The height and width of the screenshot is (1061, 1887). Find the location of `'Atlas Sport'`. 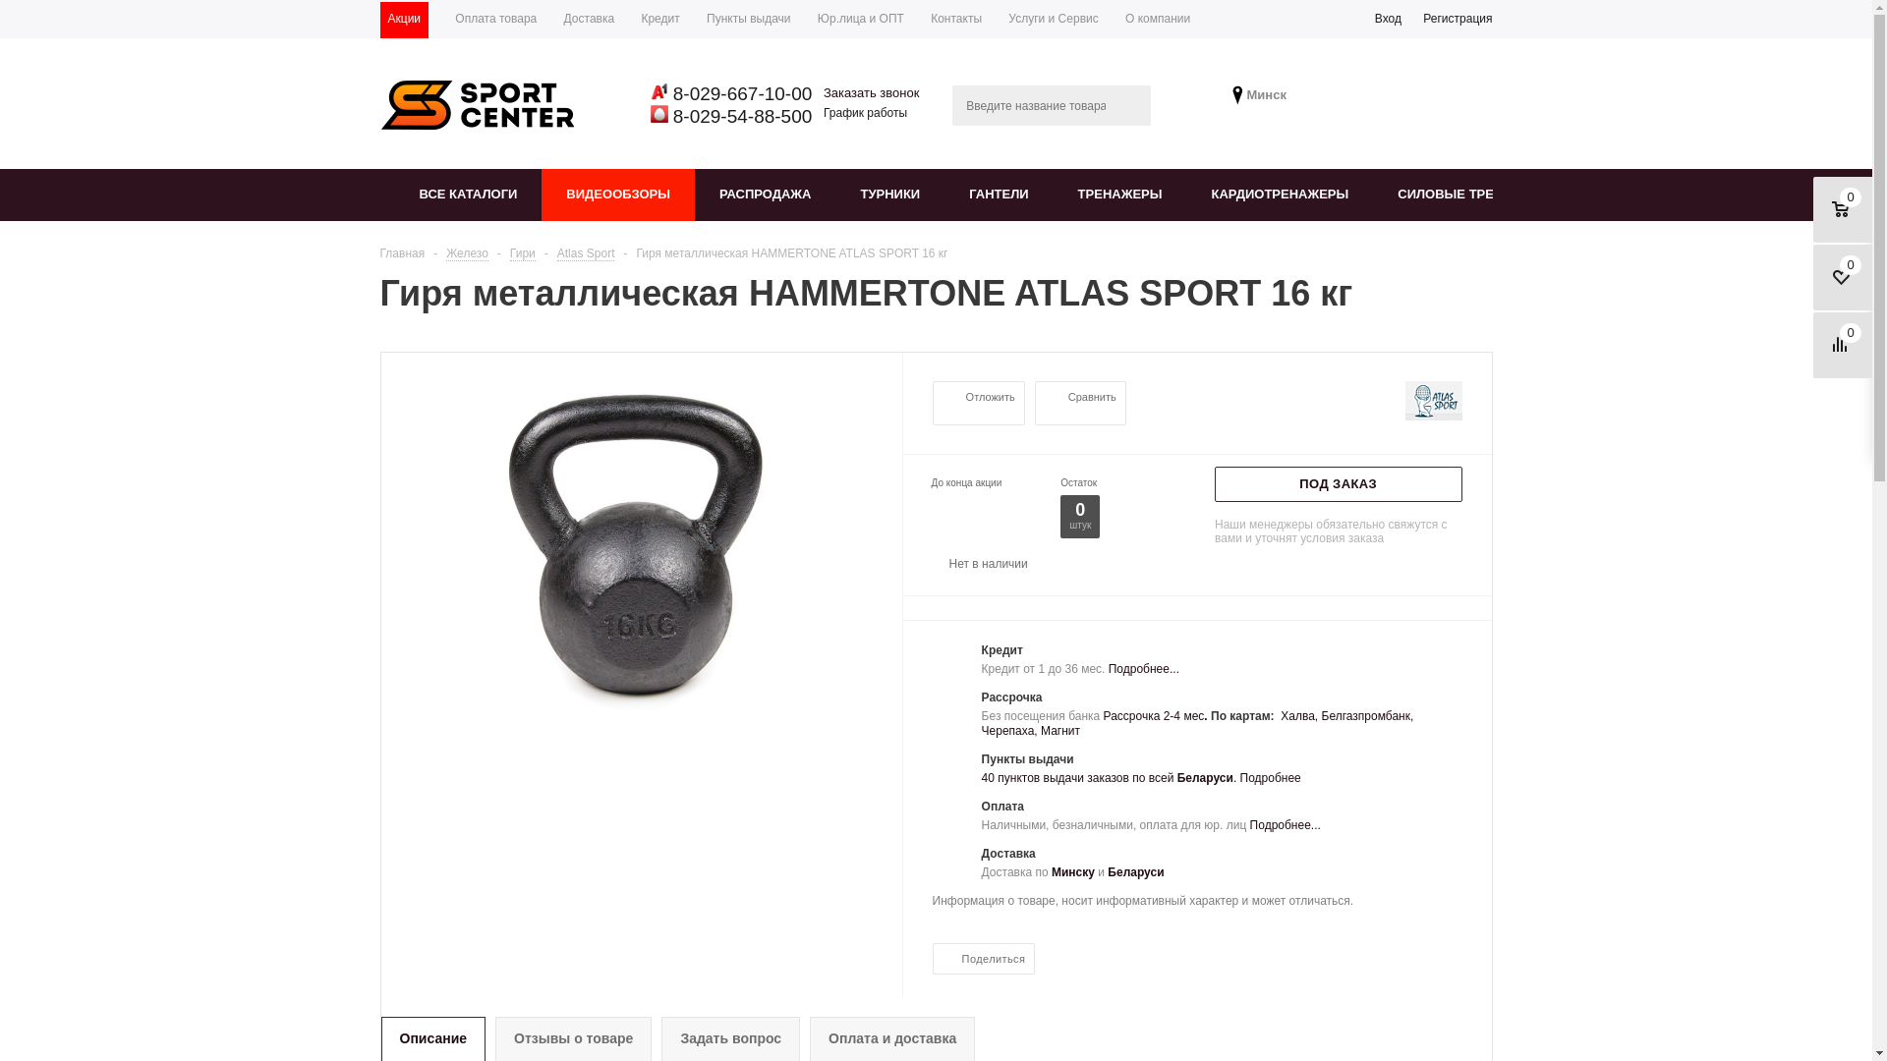

'Atlas Sport' is located at coordinates (555, 251).